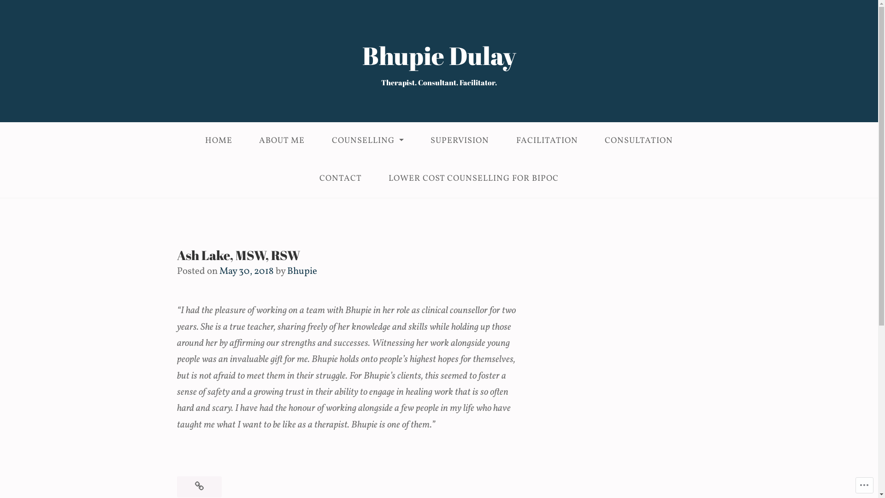 This screenshot has width=885, height=498. What do you see at coordinates (307, 179) in the screenshot?
I see `'CONTACT'` at bounding box center [307, 179].